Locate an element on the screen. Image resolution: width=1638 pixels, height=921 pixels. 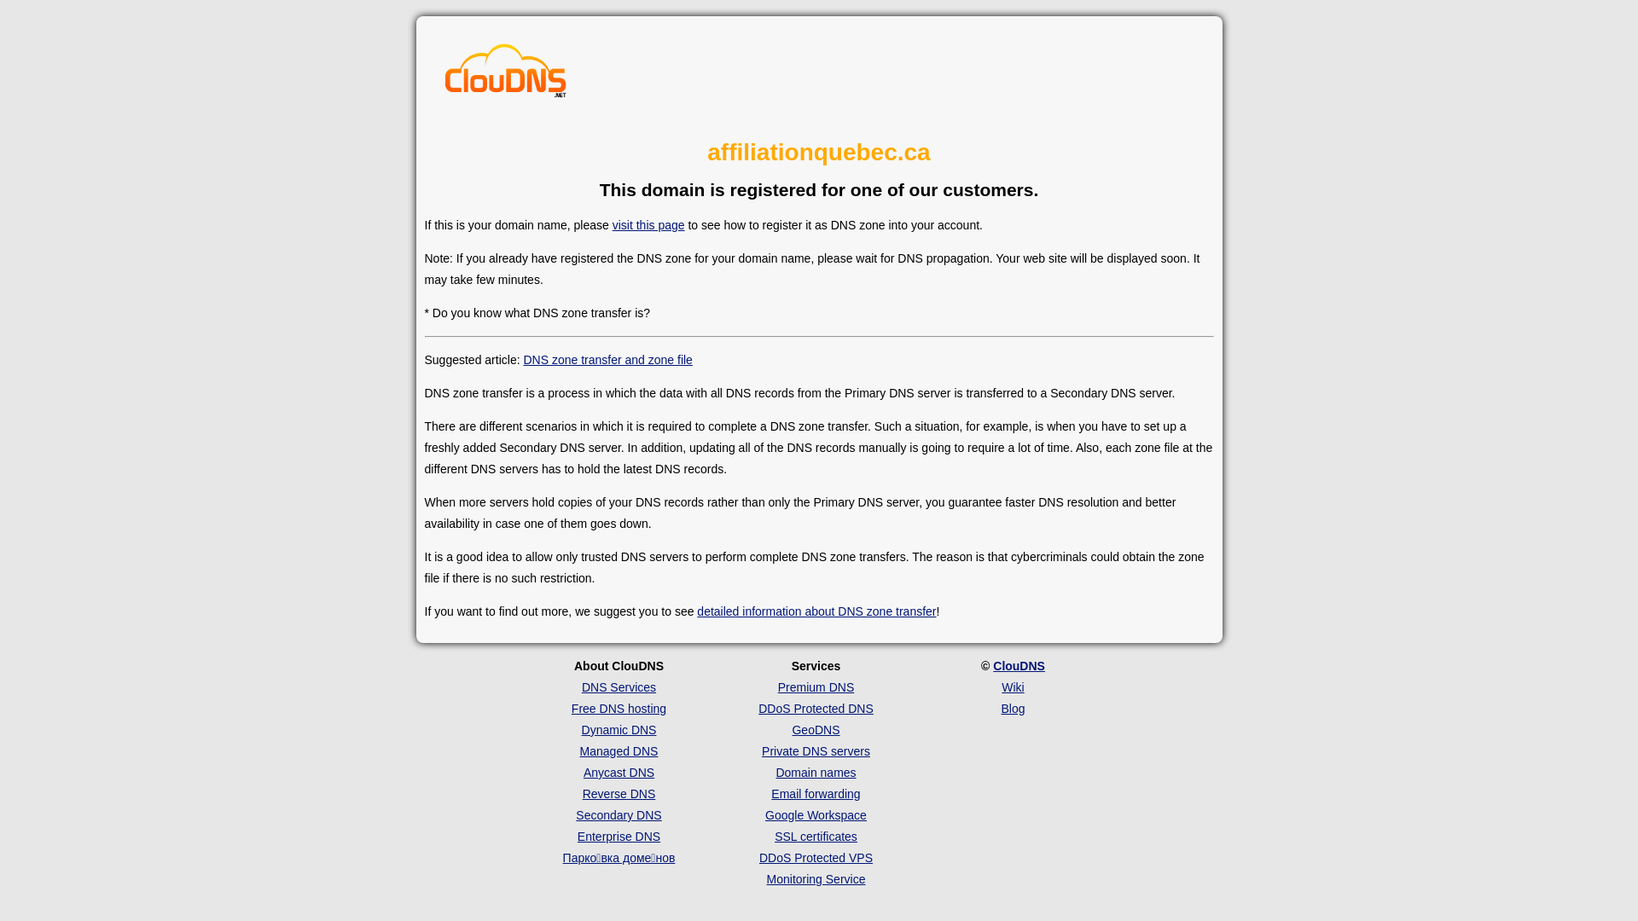
'Monitoring Service' is located at coordinates (815, 878).